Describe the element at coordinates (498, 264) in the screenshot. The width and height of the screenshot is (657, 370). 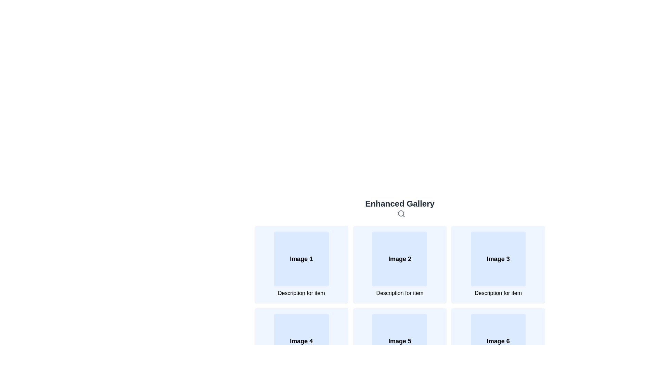
I see `the static card element located in the top row, rightmost position of a grid layout, which contains an image placeholder labeled 'Image 3' and a text description below` at that location.